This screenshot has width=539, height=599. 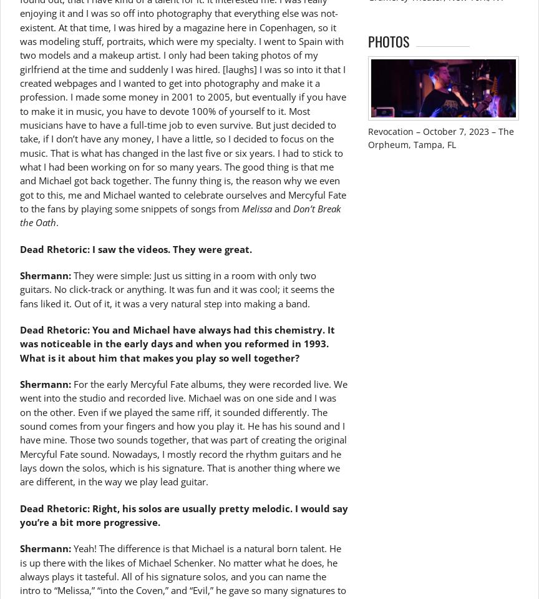 What do you see at coordinates (56, 222) in the screenshot?
I see `'.'` at bounding box center [56, 222].